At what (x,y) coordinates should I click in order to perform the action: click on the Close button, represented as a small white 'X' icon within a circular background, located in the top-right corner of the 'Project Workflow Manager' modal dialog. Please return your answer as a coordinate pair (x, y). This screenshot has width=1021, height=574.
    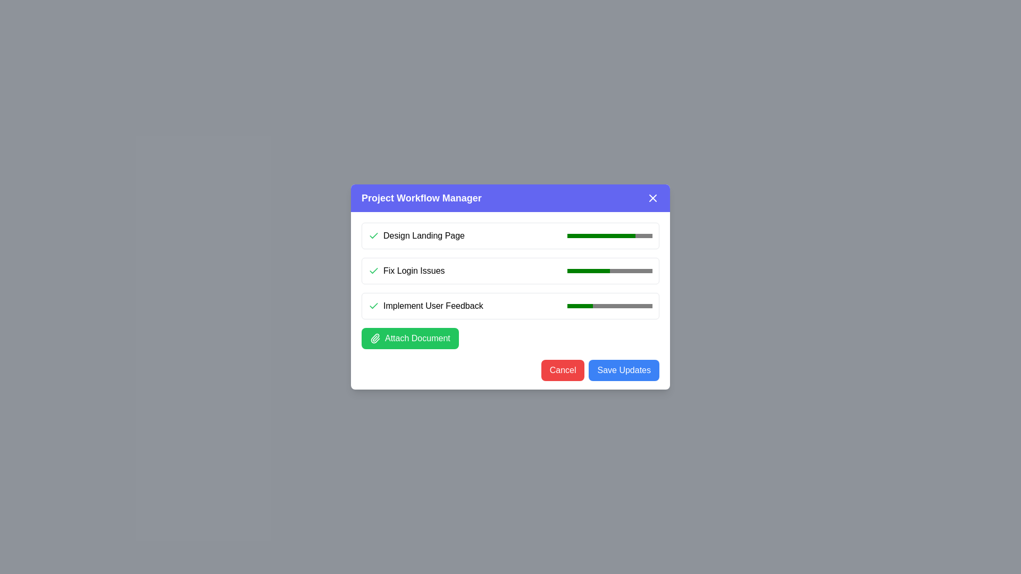
    Looking at the image, I should click on (652, 198).